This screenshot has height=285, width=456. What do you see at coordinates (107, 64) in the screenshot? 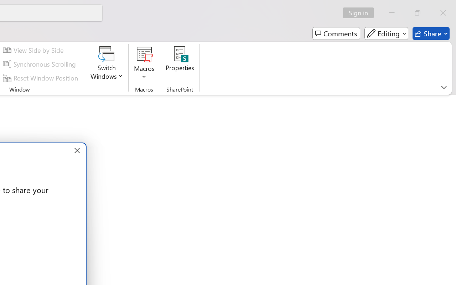
I see `'Switch Windows'` at bounding box center [107, 64].